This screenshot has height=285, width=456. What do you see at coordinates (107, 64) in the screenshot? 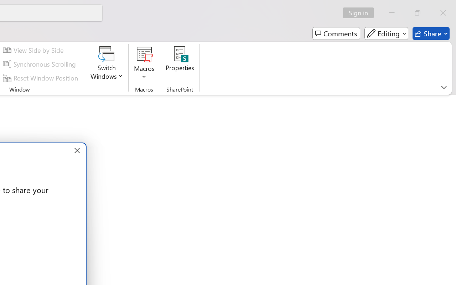
I see `'Switch Windows'` at bounding box center [107, 64].